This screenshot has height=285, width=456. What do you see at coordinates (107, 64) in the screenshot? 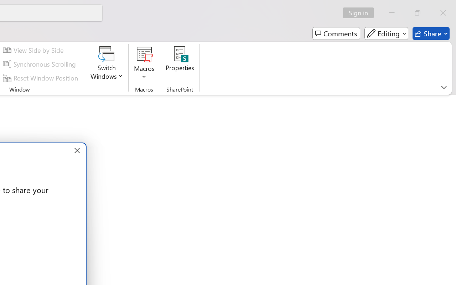
I see `'Switch Windows'` at bounding box center [107, 64].